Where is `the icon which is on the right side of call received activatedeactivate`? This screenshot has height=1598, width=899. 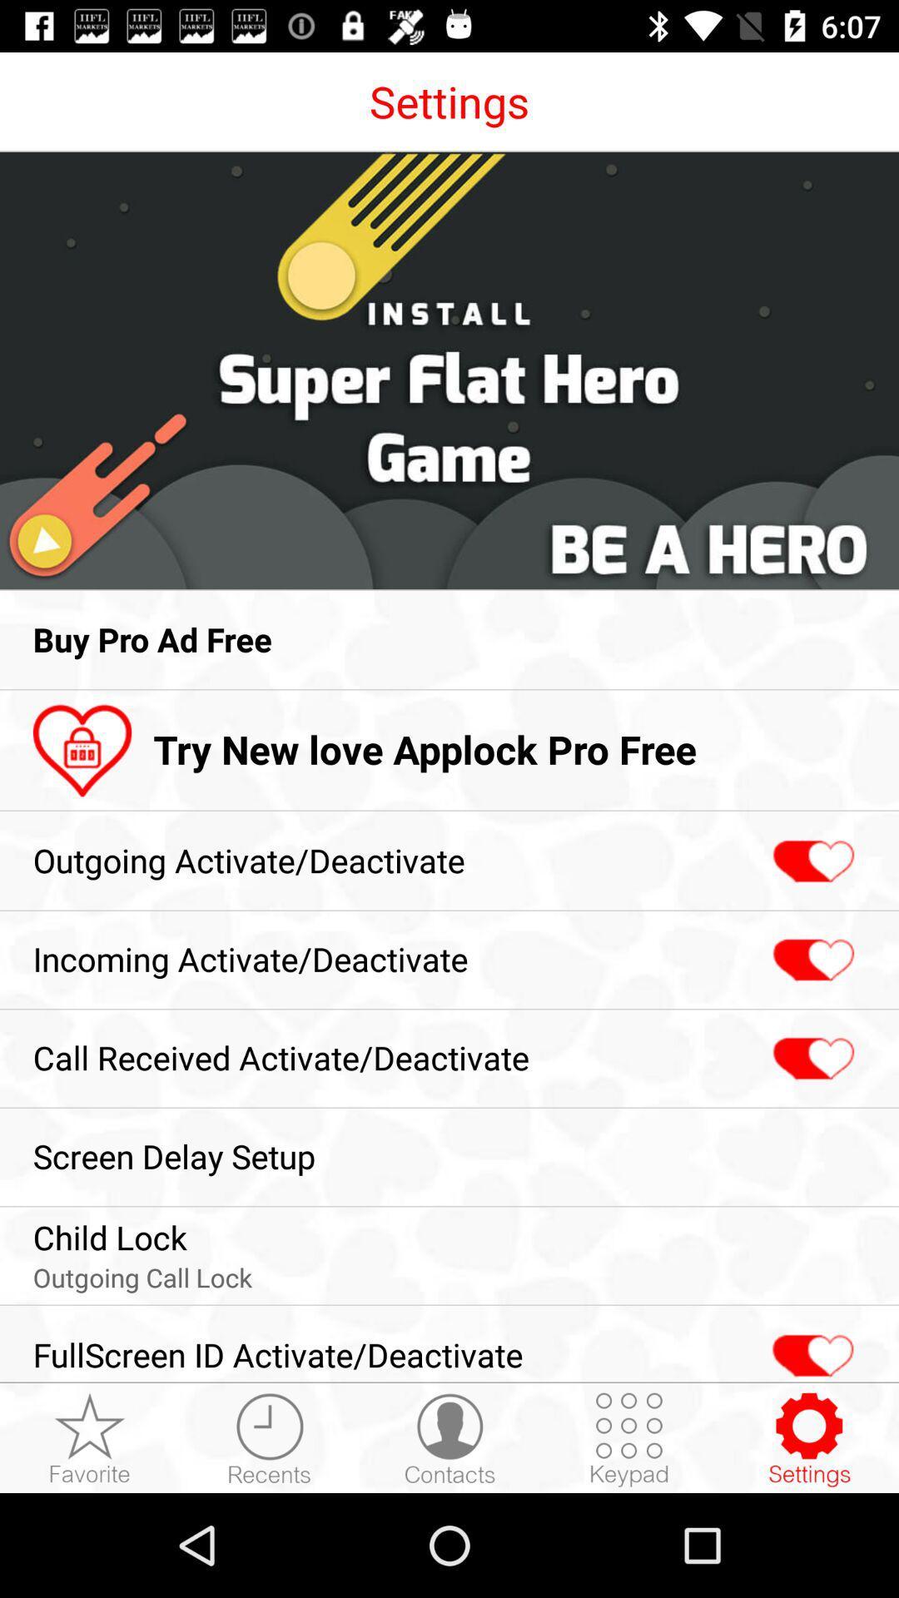 the icon which is on the right side of call received activatedeactivate is located at coordinates (811, 1058).